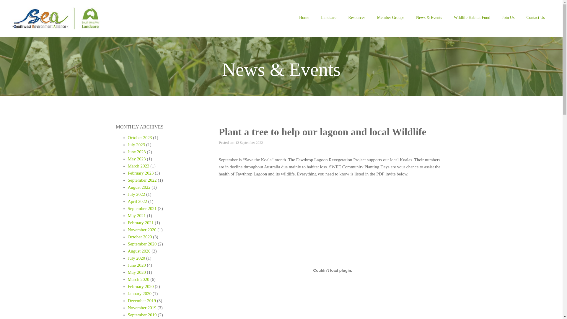 The width and height of the screenshot is (567, 319). Describe the element at coordinates (142, 307) in the screenshot. I see `'November 2019'` at that location.